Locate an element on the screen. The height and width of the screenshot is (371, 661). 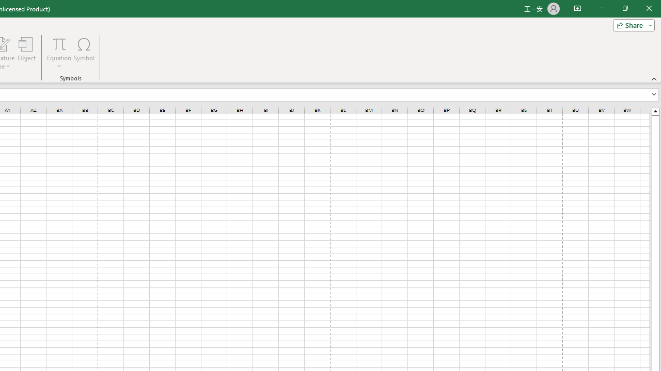
'Symbol...' is located at coordinates (84, 53).